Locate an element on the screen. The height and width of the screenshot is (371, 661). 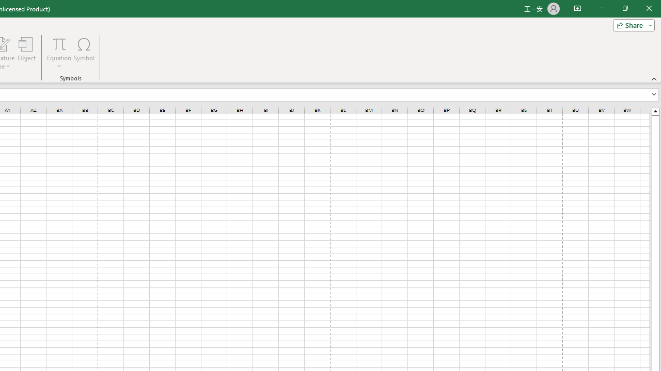
'Symbol...' is located at coordinates (84, 53).